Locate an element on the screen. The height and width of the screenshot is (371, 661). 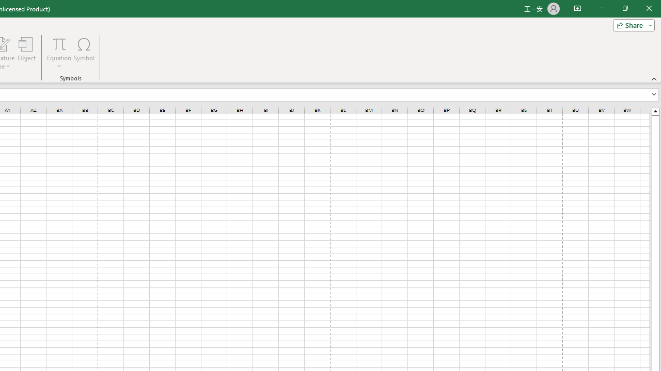
'Symbol...' is located at coordinates (84, 53).